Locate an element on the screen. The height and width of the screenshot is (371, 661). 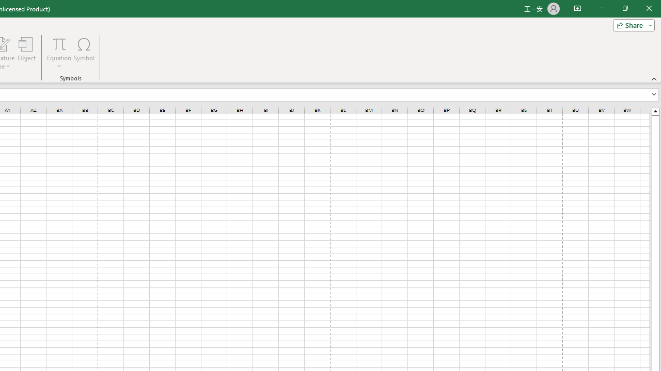
'Symbol...' is located at coordinates (84, 53).